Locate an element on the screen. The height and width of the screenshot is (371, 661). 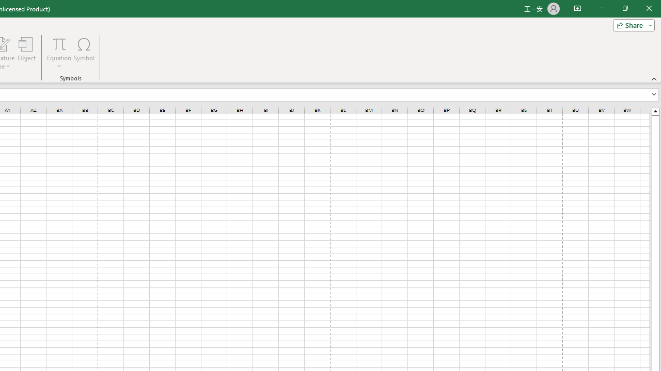
'Symbol...' is located at coordinates (84, 53).